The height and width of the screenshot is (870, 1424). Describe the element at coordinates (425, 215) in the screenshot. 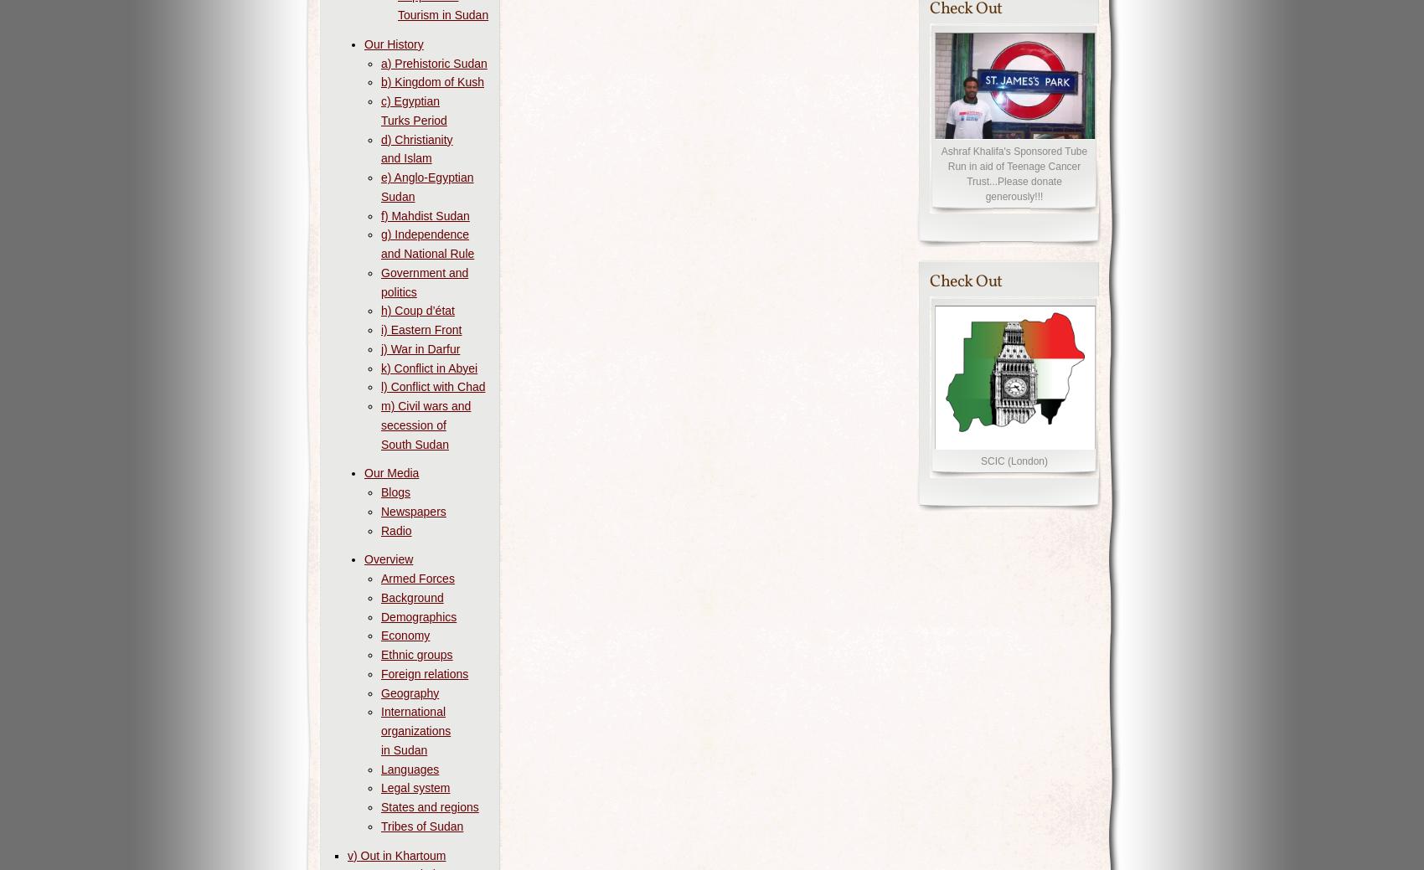

I see `'f) Mahdist Sudan'` at that location.